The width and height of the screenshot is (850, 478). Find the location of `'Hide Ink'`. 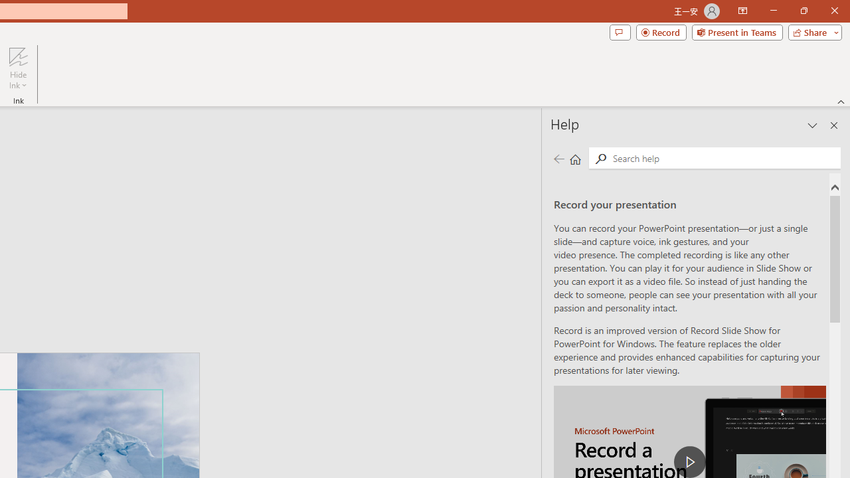

'Hide Ink' is located at coordinates (18, 68).